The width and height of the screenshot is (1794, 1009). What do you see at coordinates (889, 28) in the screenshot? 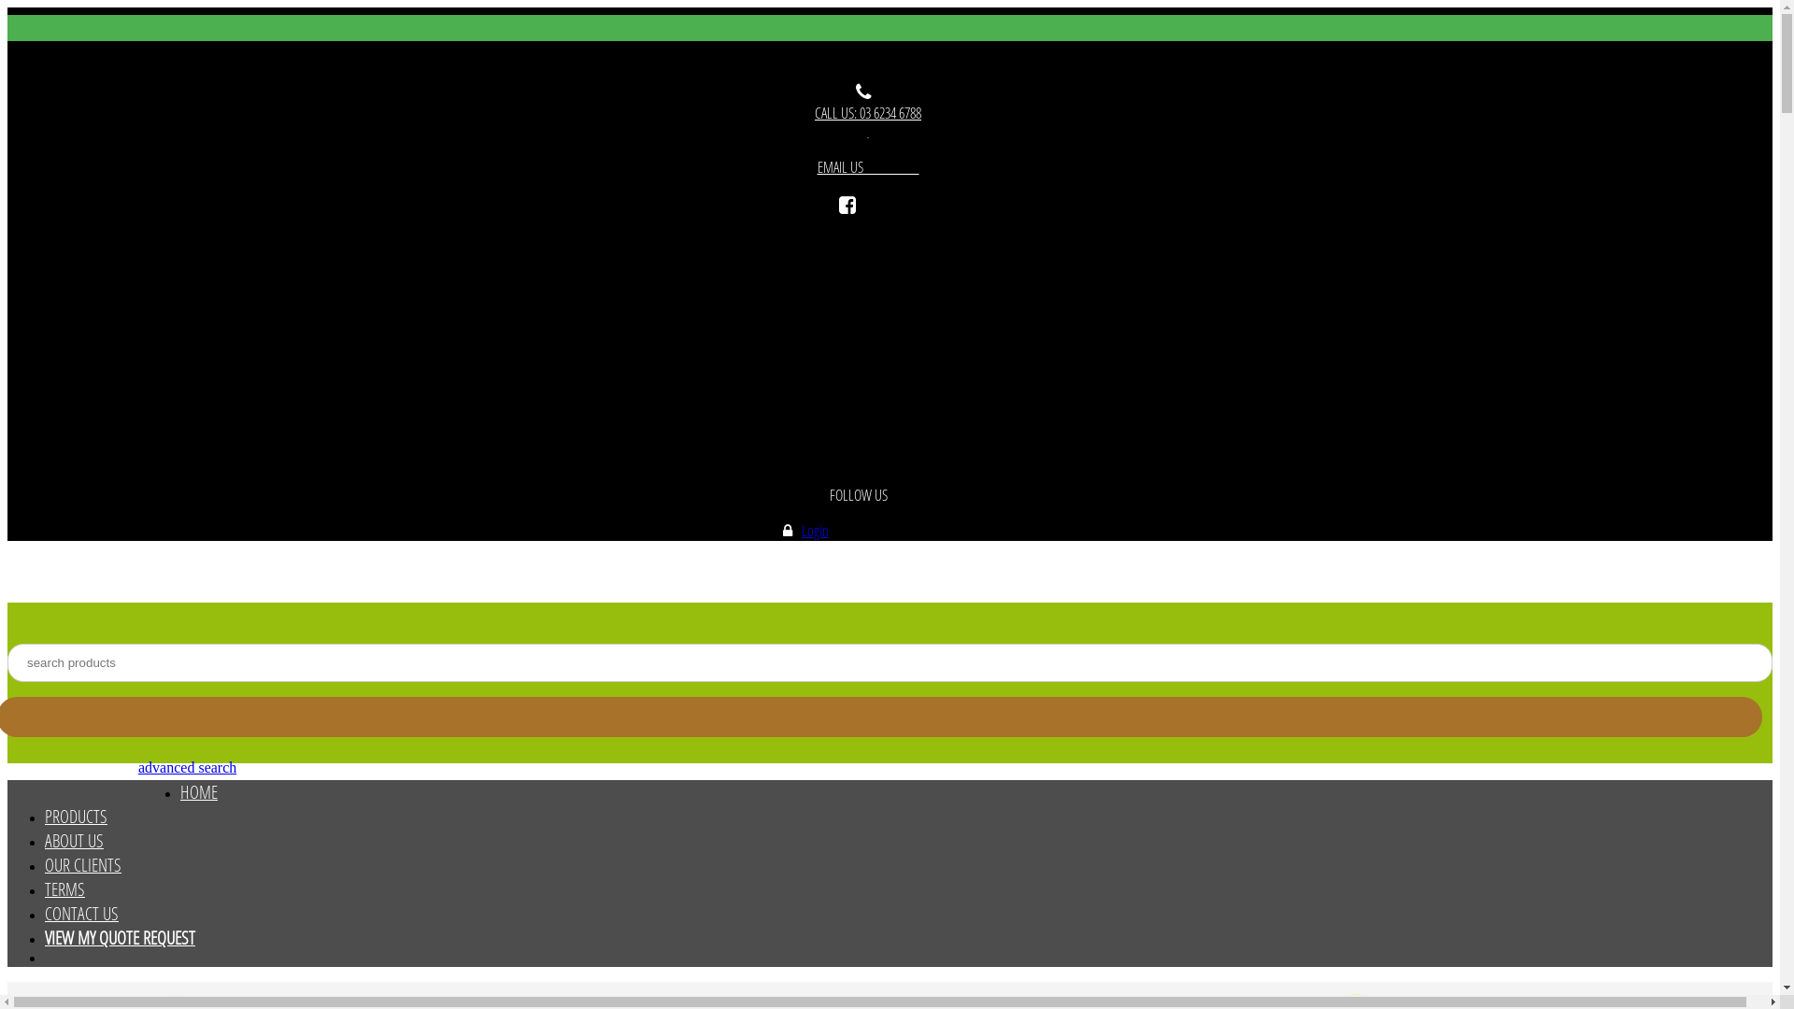
I see `'Toggle navigation'` at bounding box center [889, 28].